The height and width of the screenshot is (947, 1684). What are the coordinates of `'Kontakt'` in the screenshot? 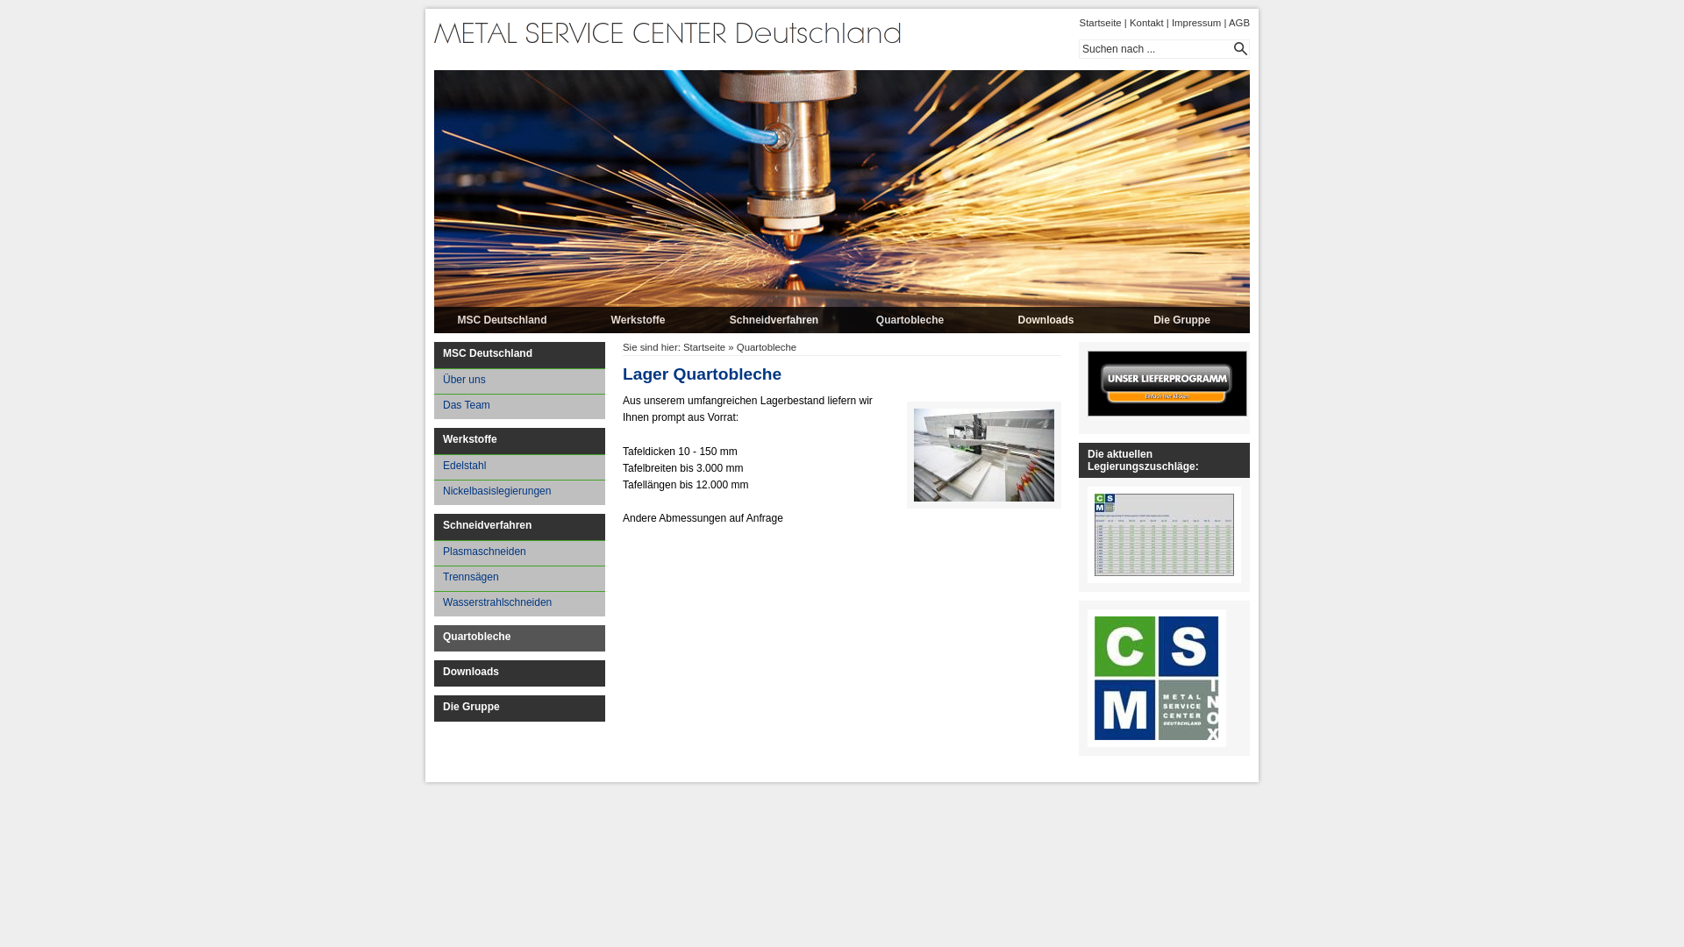 It's located at (1146, 23).